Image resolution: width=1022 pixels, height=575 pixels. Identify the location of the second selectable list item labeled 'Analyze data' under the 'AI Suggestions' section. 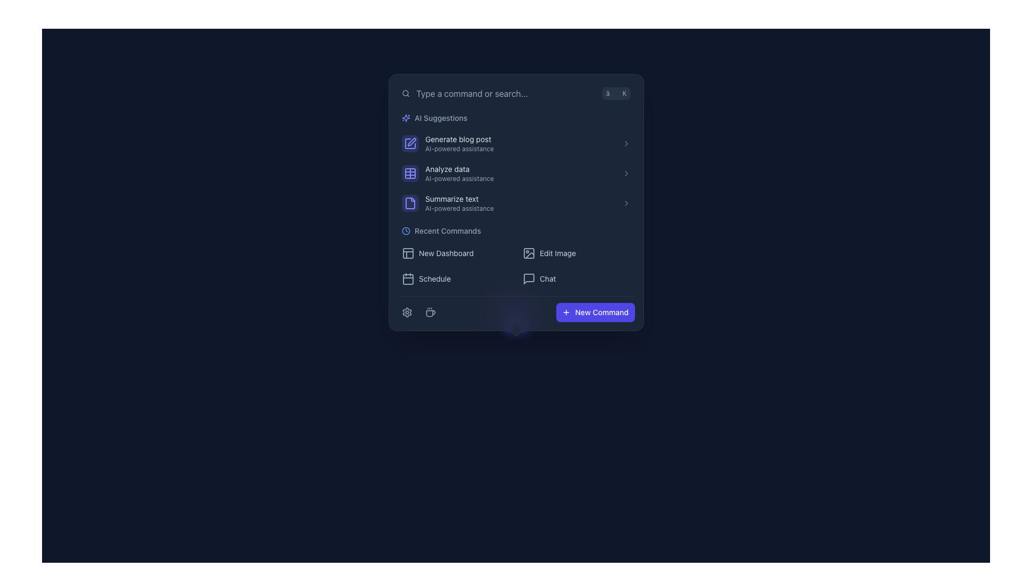
(520, 173).